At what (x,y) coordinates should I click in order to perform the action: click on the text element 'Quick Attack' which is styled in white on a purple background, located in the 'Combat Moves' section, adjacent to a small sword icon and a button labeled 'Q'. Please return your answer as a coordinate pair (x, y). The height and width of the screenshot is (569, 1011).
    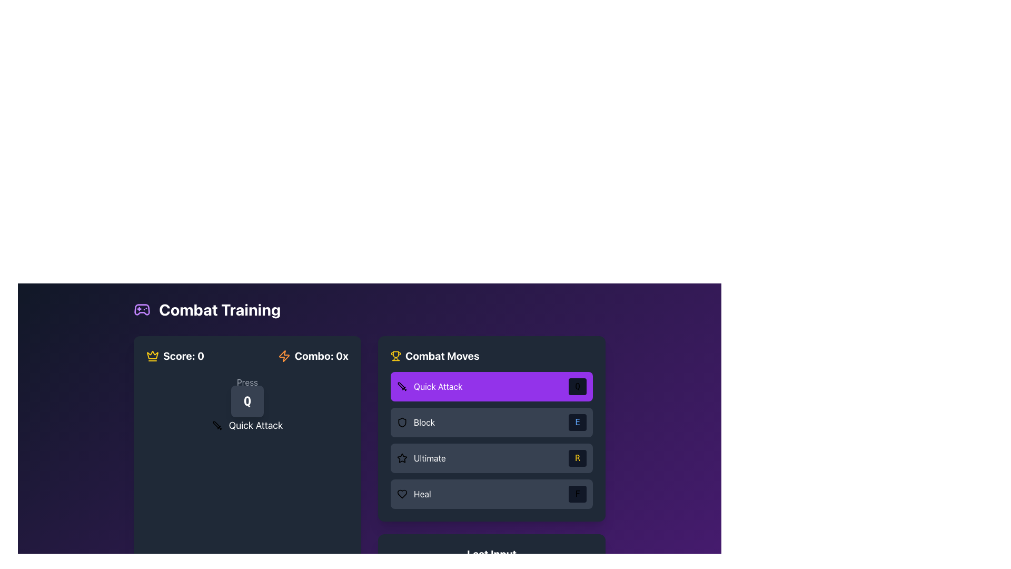
    Looking at the image, I should click on (438, 386).